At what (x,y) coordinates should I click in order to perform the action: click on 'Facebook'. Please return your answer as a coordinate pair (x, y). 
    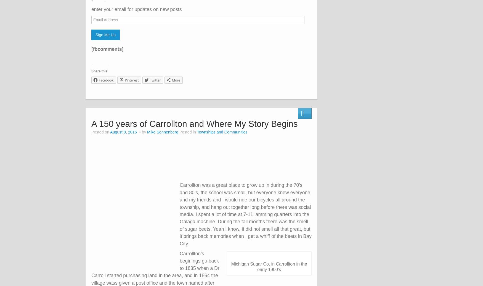
    Looking at the image, I should click on (106, 80).